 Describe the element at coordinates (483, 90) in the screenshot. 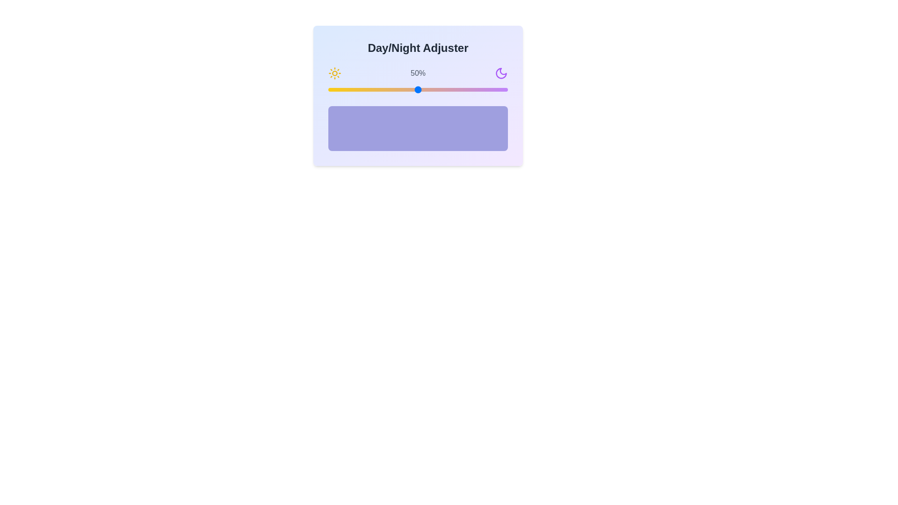

I see `the slider to set the value to 86%` at that location.